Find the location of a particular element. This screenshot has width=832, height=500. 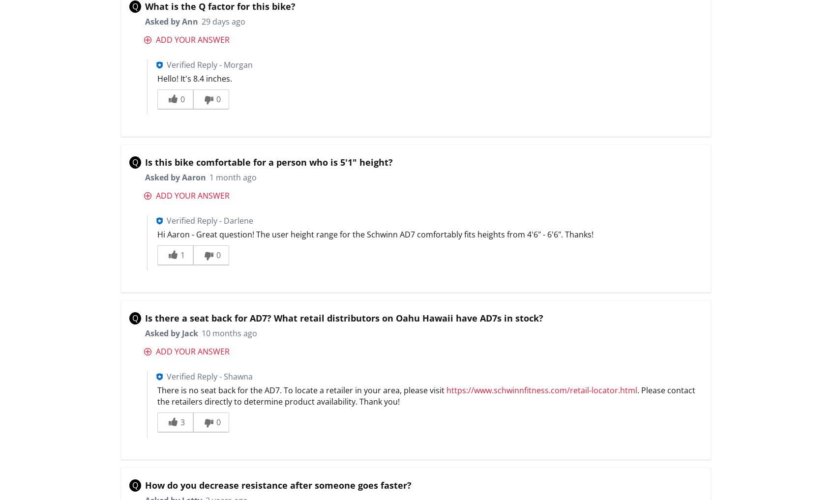

'There is no seat back for the AD7. To locate a retailer in your area, please visit' is located at coordinates (301, 389).